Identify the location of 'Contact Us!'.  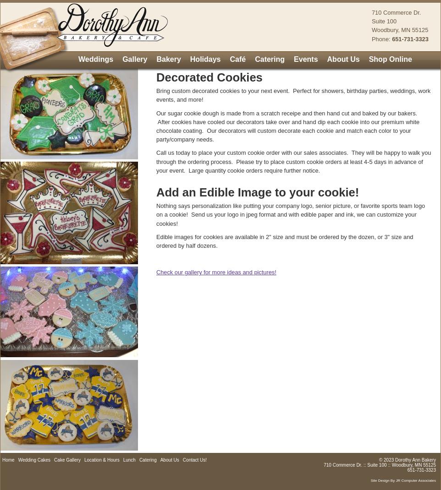
(194, 459).